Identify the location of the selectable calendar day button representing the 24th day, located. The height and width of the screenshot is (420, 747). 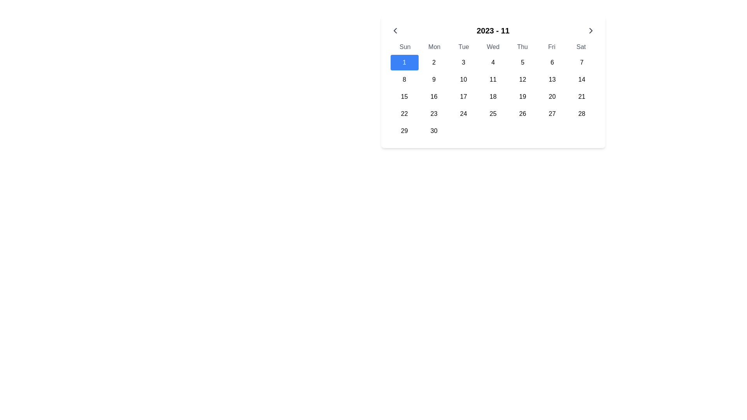
(463, 114).